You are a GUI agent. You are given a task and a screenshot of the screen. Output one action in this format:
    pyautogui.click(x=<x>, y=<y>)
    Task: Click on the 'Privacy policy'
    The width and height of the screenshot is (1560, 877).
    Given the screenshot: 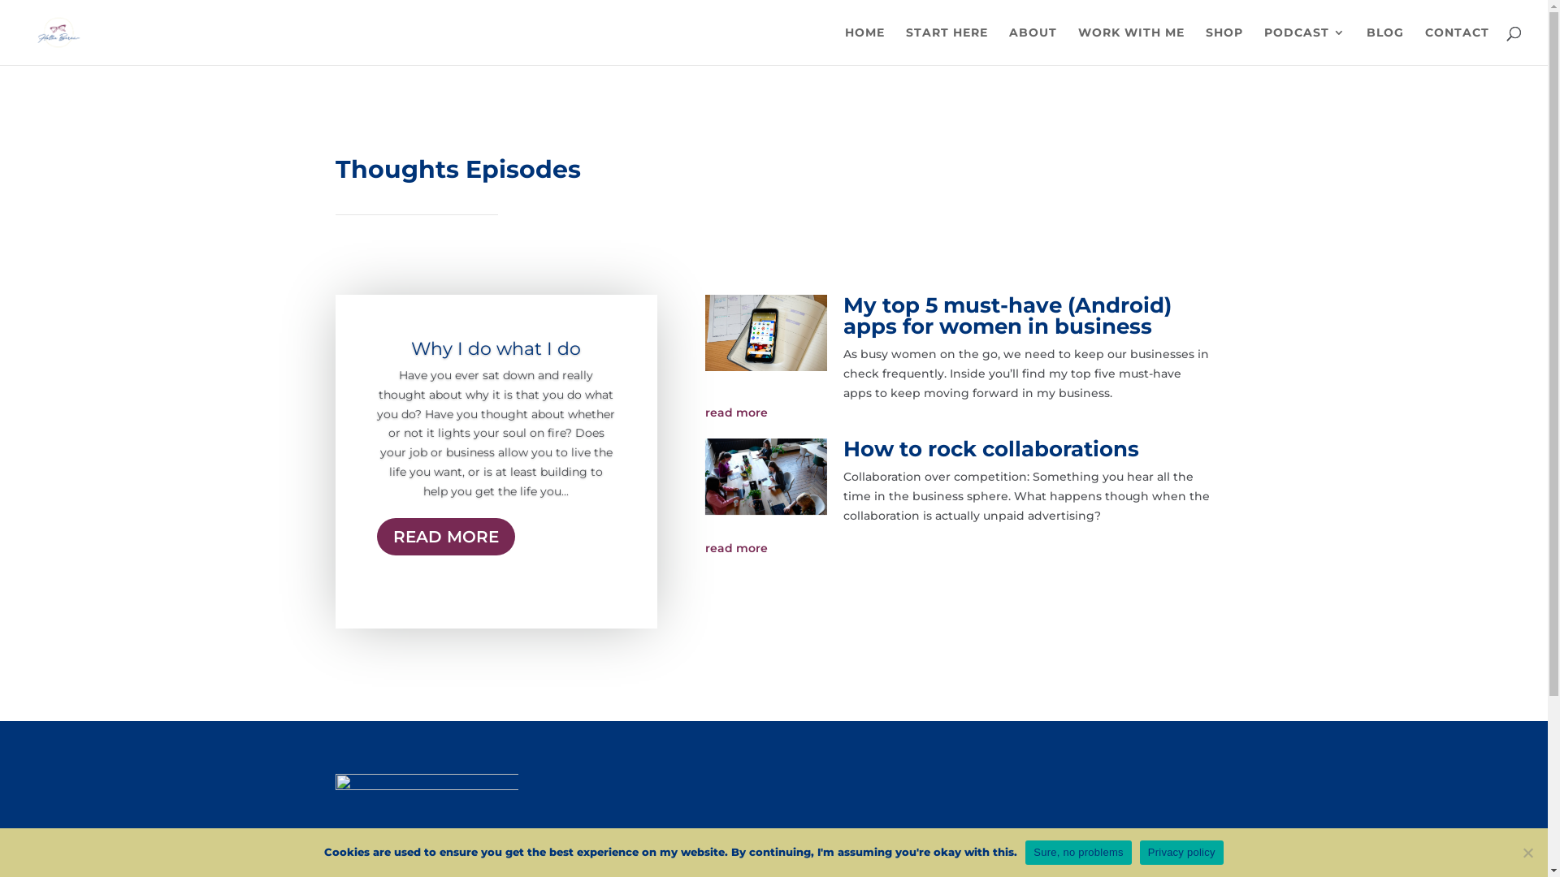 What is the action you would take?
    pyautogui.click(x=1181, y=851)
    